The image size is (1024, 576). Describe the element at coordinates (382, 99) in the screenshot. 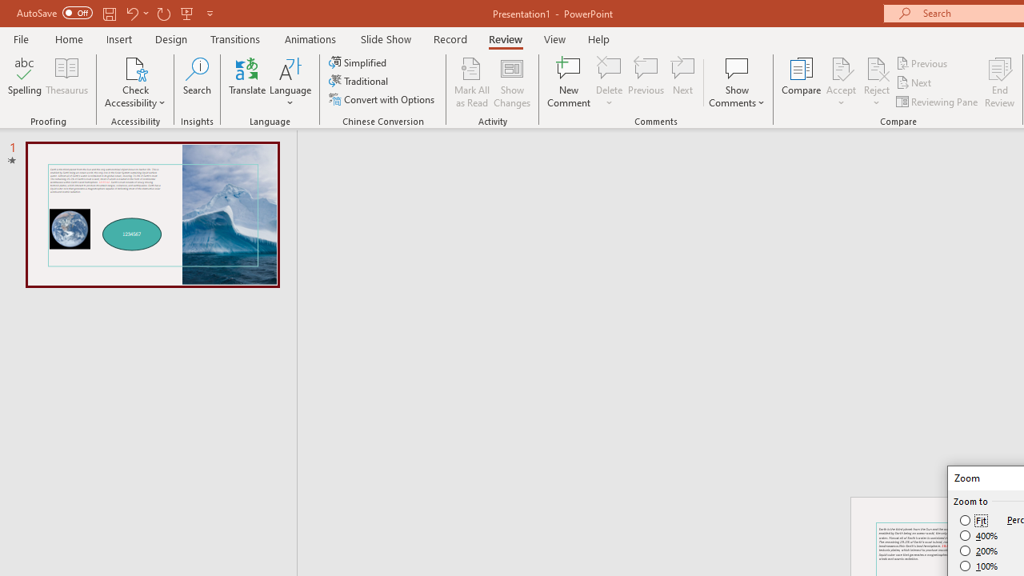

I see `'Convert with Options...'` at that location.